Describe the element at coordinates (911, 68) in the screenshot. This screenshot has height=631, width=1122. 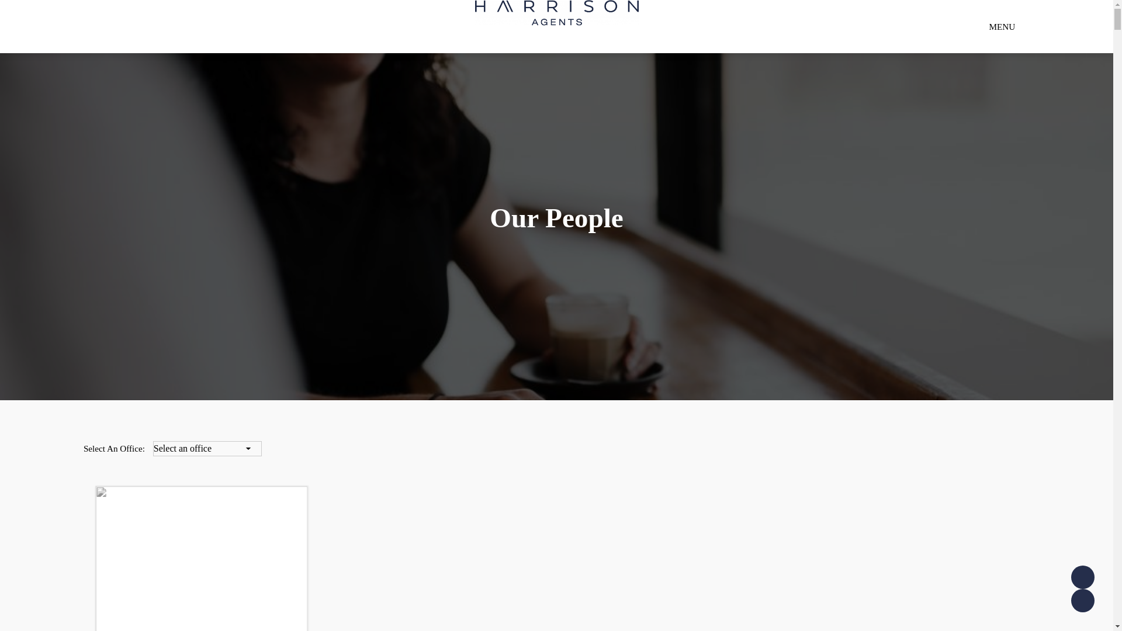
I see `'Search'` at that location.